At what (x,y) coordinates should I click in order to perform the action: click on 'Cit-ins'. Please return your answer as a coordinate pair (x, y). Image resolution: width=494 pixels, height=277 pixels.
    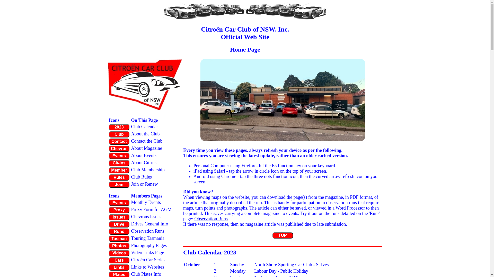
    Looking at the image, I should click on (108, 163).